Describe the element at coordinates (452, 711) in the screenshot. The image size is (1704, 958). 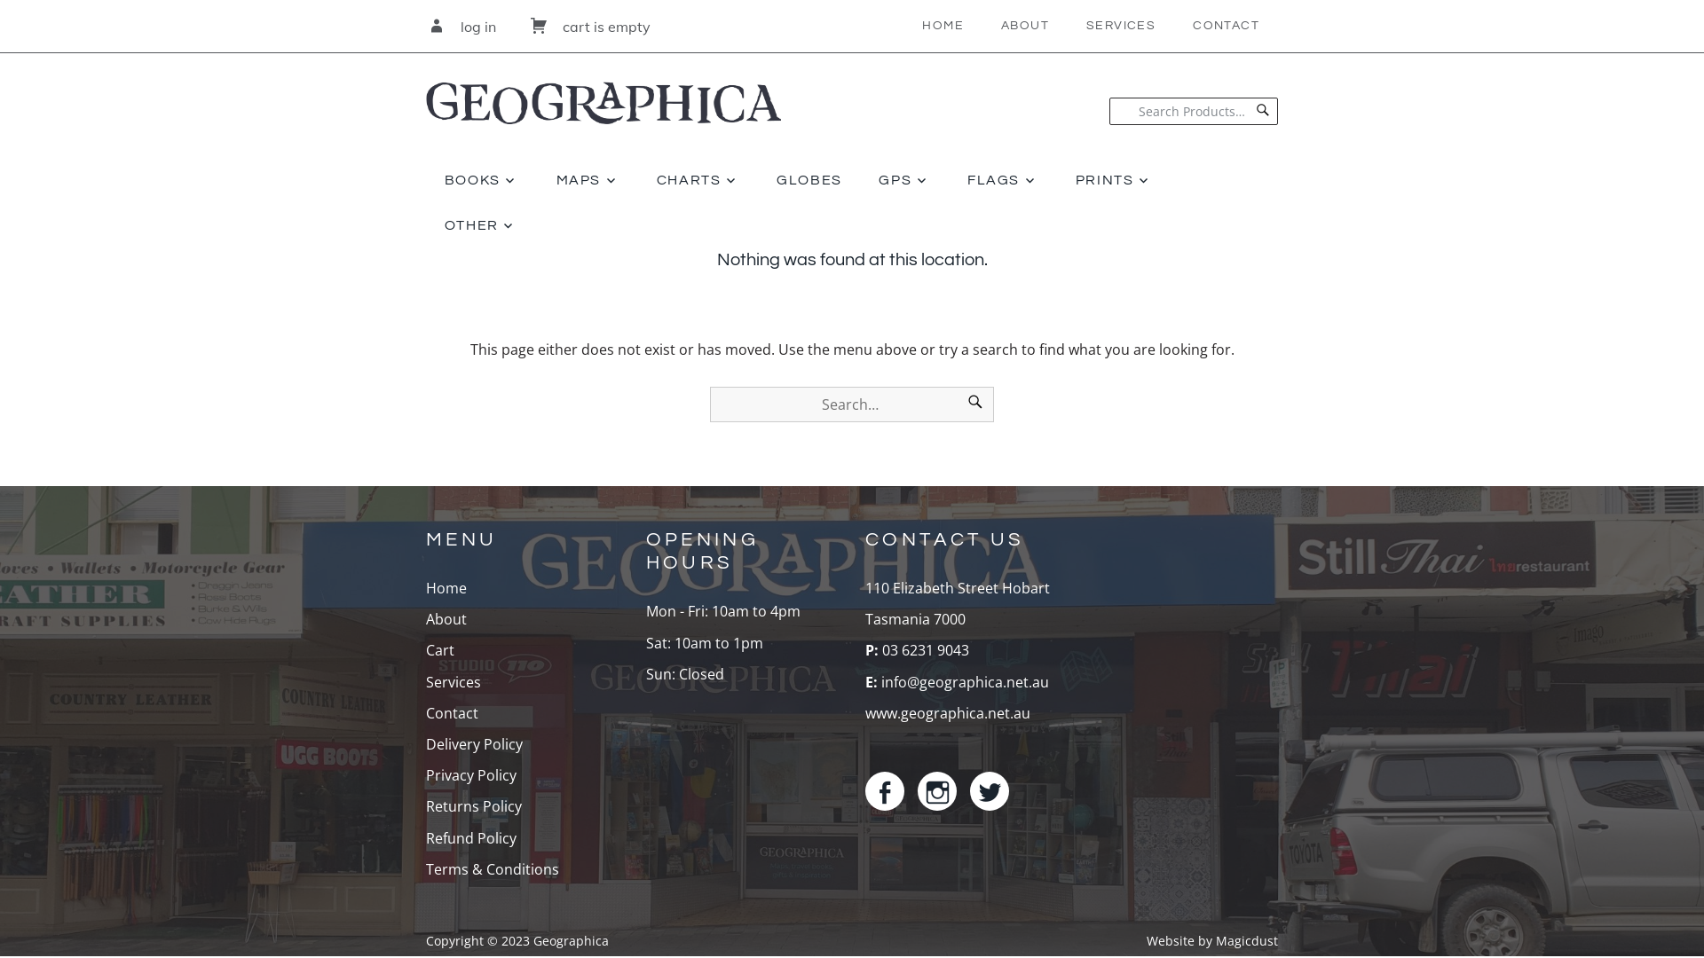
I see `'Contact'` at that location.